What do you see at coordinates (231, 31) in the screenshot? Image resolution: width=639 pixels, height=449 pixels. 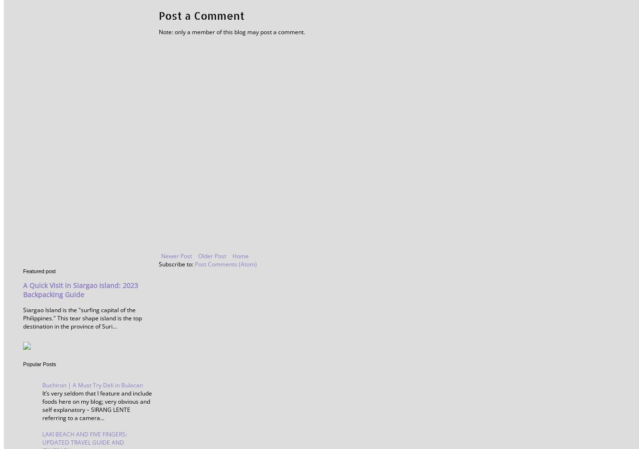 I see `'Note: only a member of this blog may post a comment.'` at bounding box center [231, 31].